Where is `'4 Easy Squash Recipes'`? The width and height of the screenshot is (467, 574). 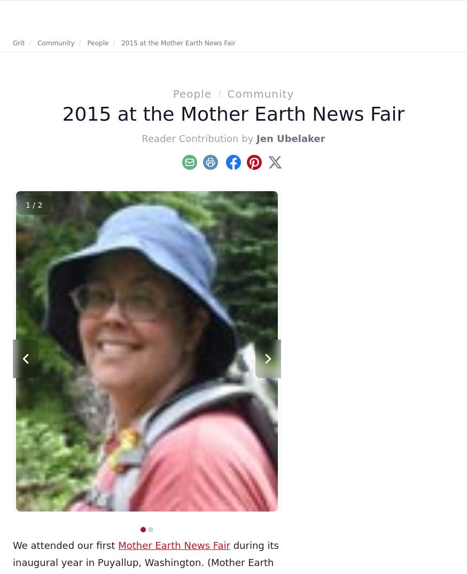
'4 Easy Squash Recipes' is located at coordinates (387, 386).